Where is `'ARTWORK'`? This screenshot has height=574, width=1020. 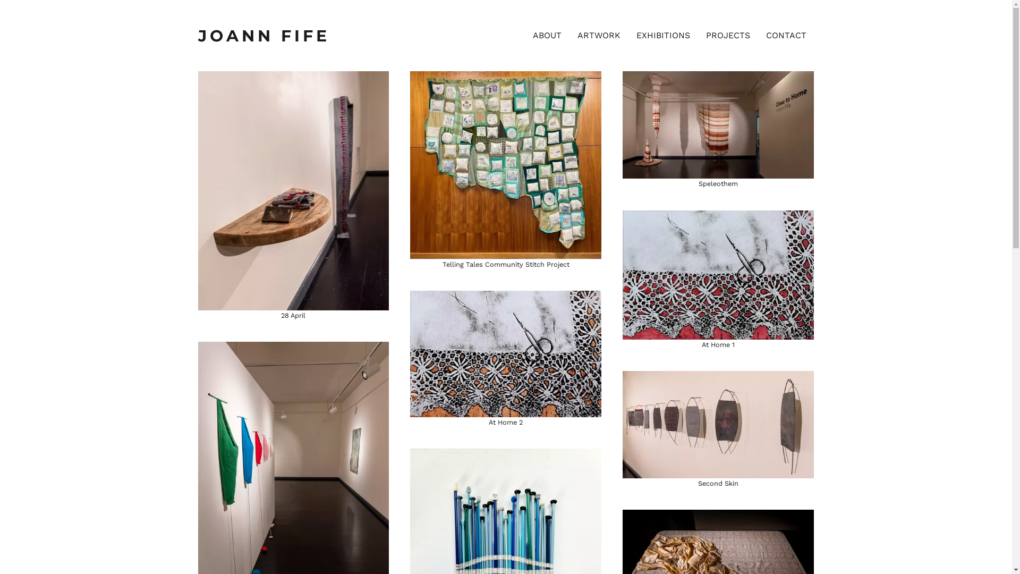 'ARTWORK' is located at coordinates (599, 35).